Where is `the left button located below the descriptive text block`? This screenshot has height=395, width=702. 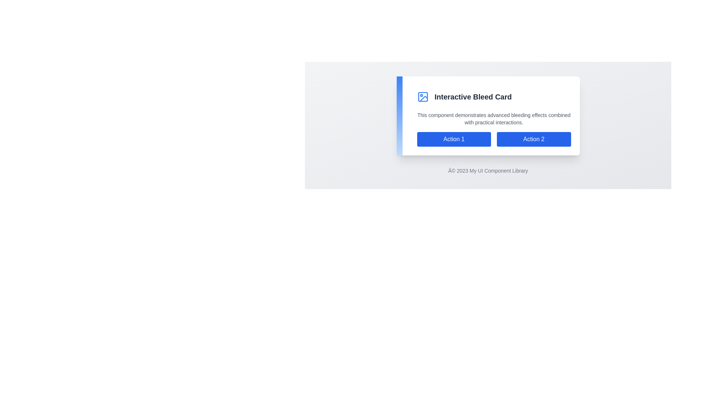
the left button located below the descriptive text block is located at coordinates (453, 139).